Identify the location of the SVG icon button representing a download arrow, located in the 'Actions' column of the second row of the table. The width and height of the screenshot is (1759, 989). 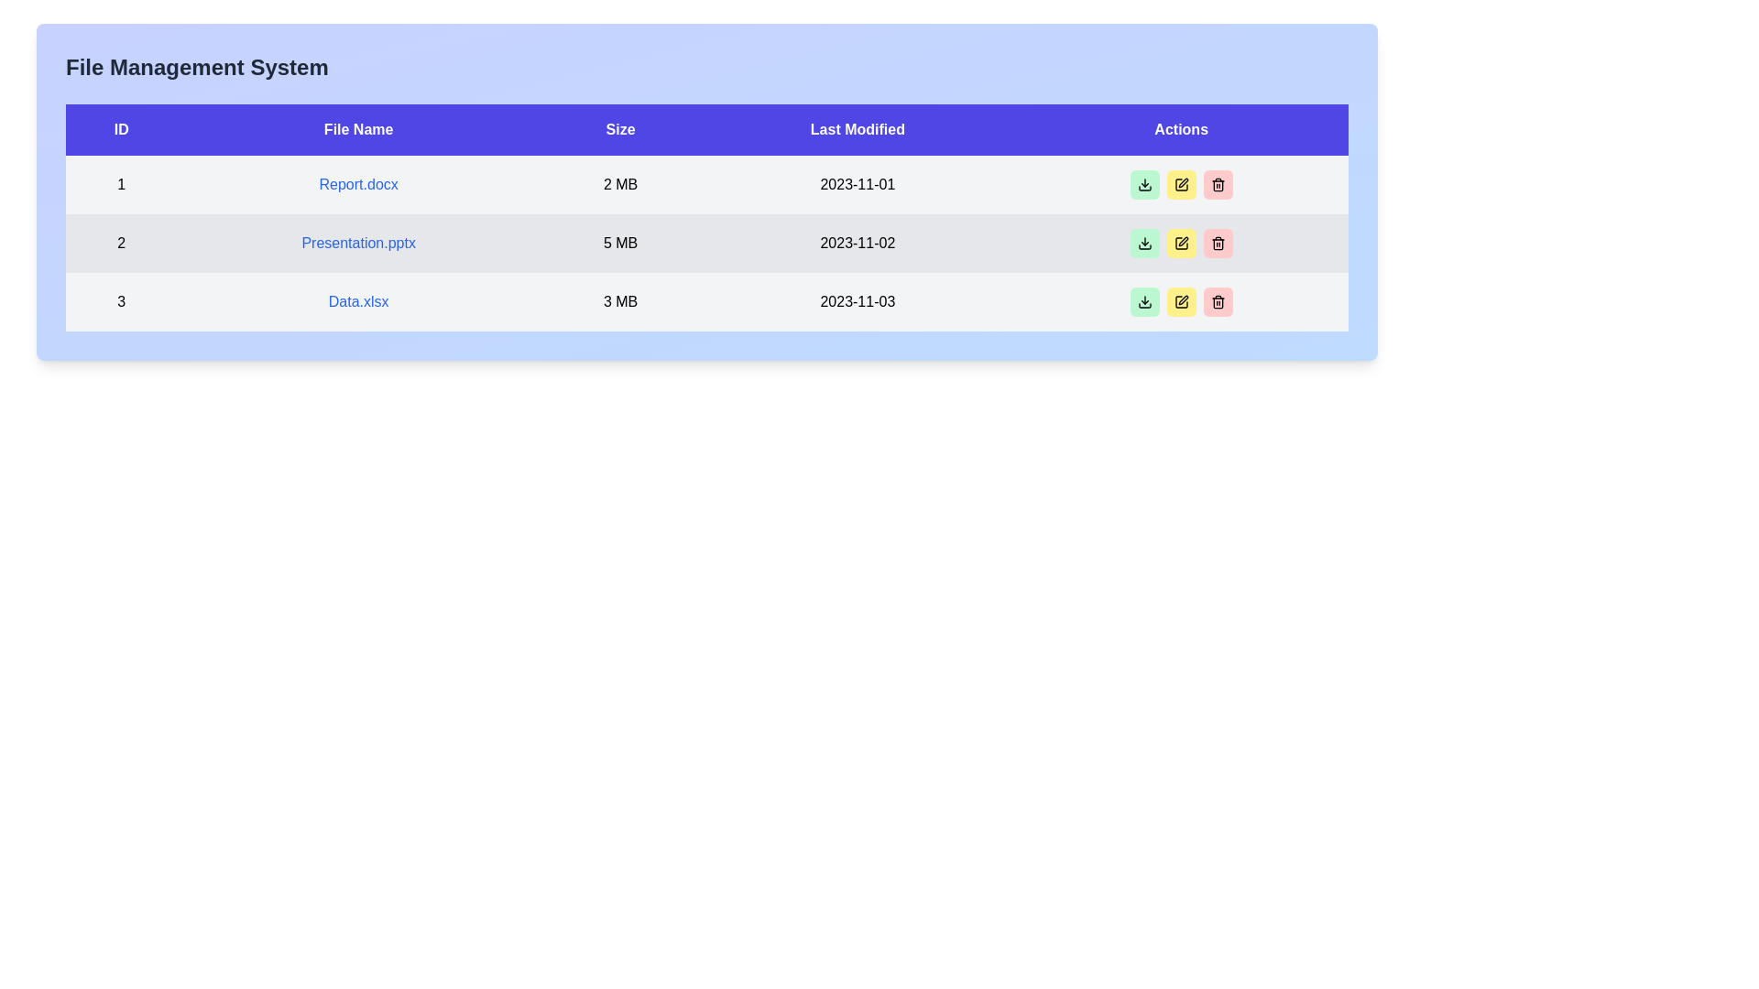
(1143, 184).